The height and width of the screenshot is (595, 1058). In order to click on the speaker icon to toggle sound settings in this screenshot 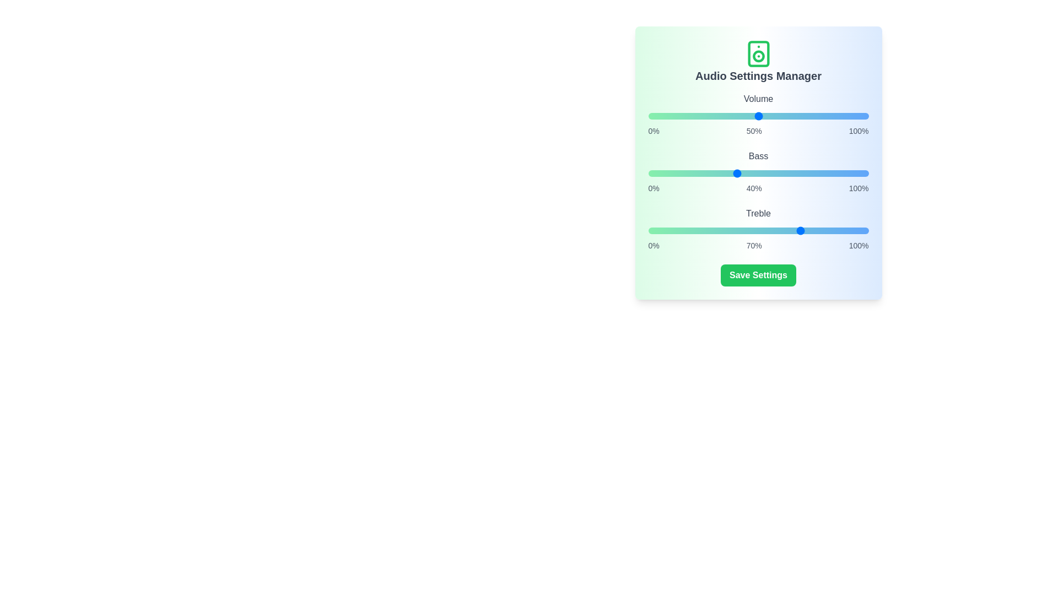, I will do `click(758, 53)`.